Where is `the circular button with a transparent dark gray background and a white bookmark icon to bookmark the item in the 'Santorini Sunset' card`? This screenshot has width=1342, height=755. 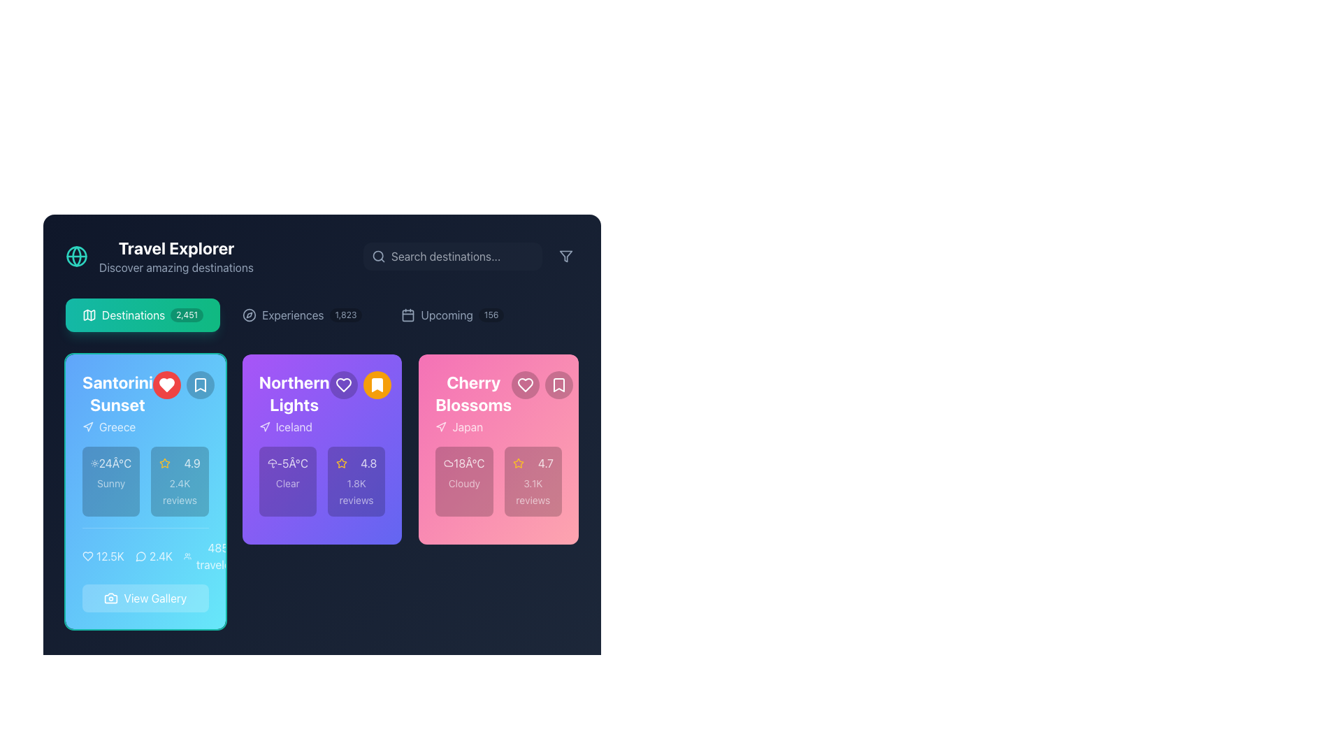 the circular button with a transparent dark gray background and a white bookmark icon to bookmark the item in the 'Santorini Sunset' card is located at coordinates (199, 385).